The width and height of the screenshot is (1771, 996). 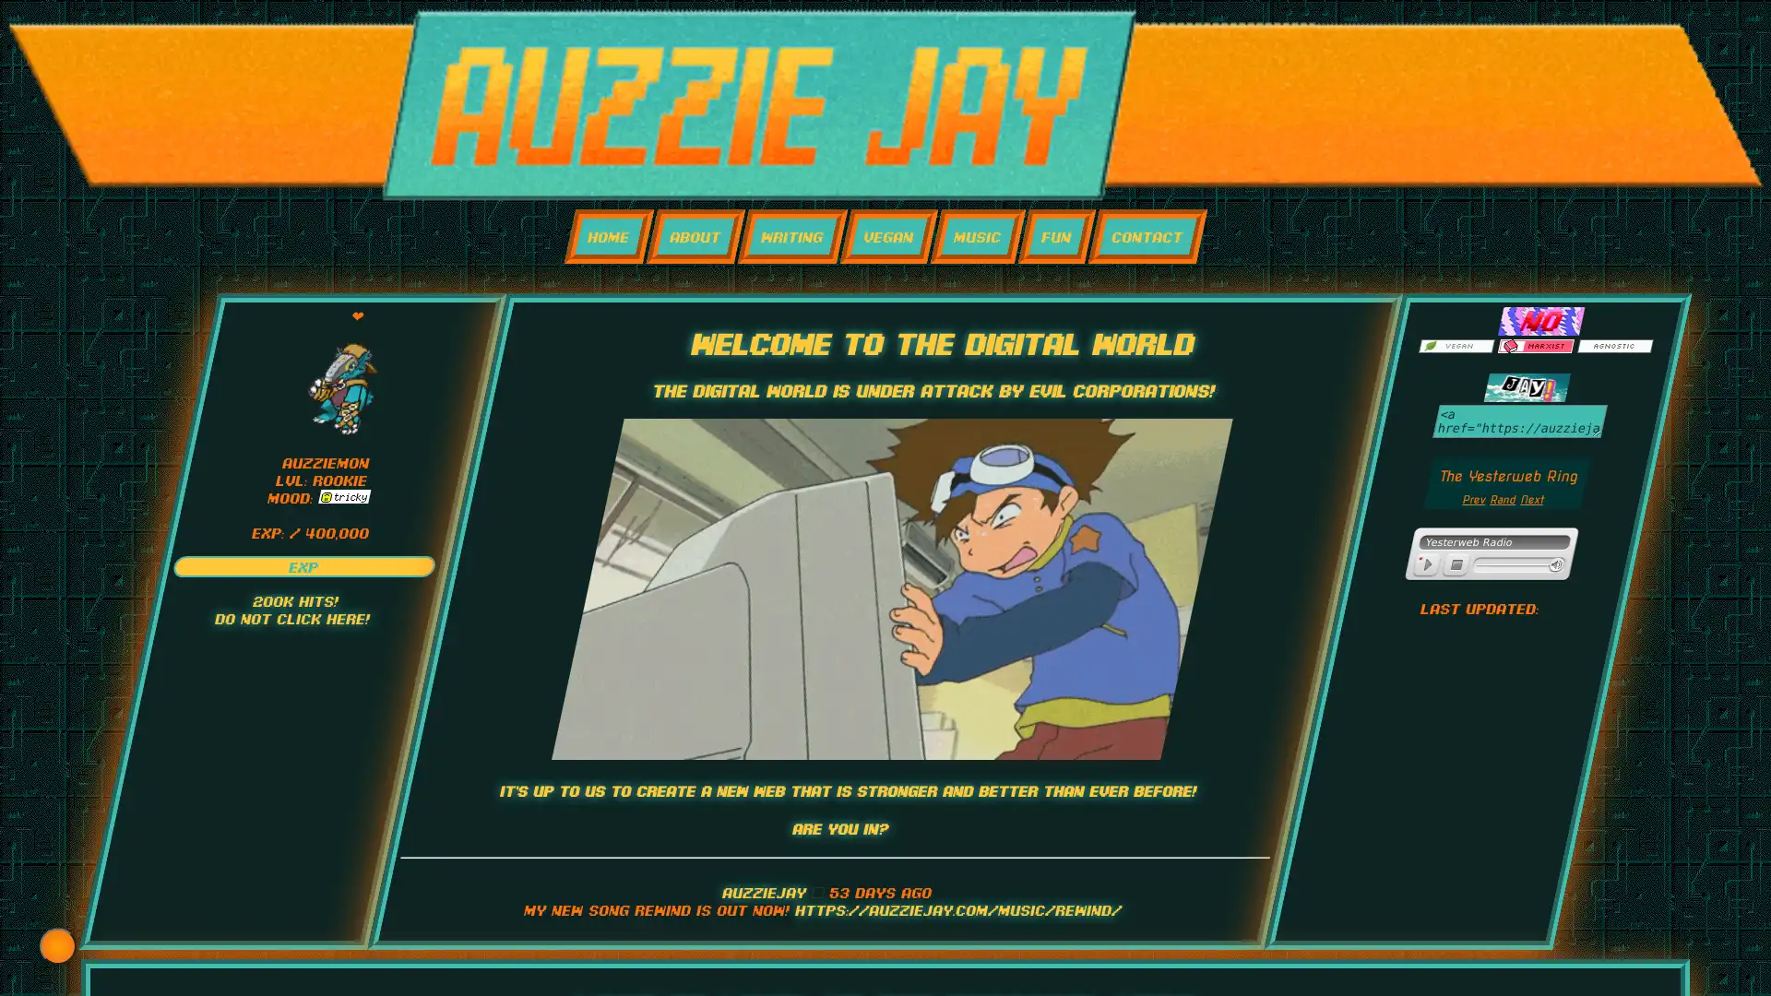 I want to click on VEGAN, so click(x=888, y=235).